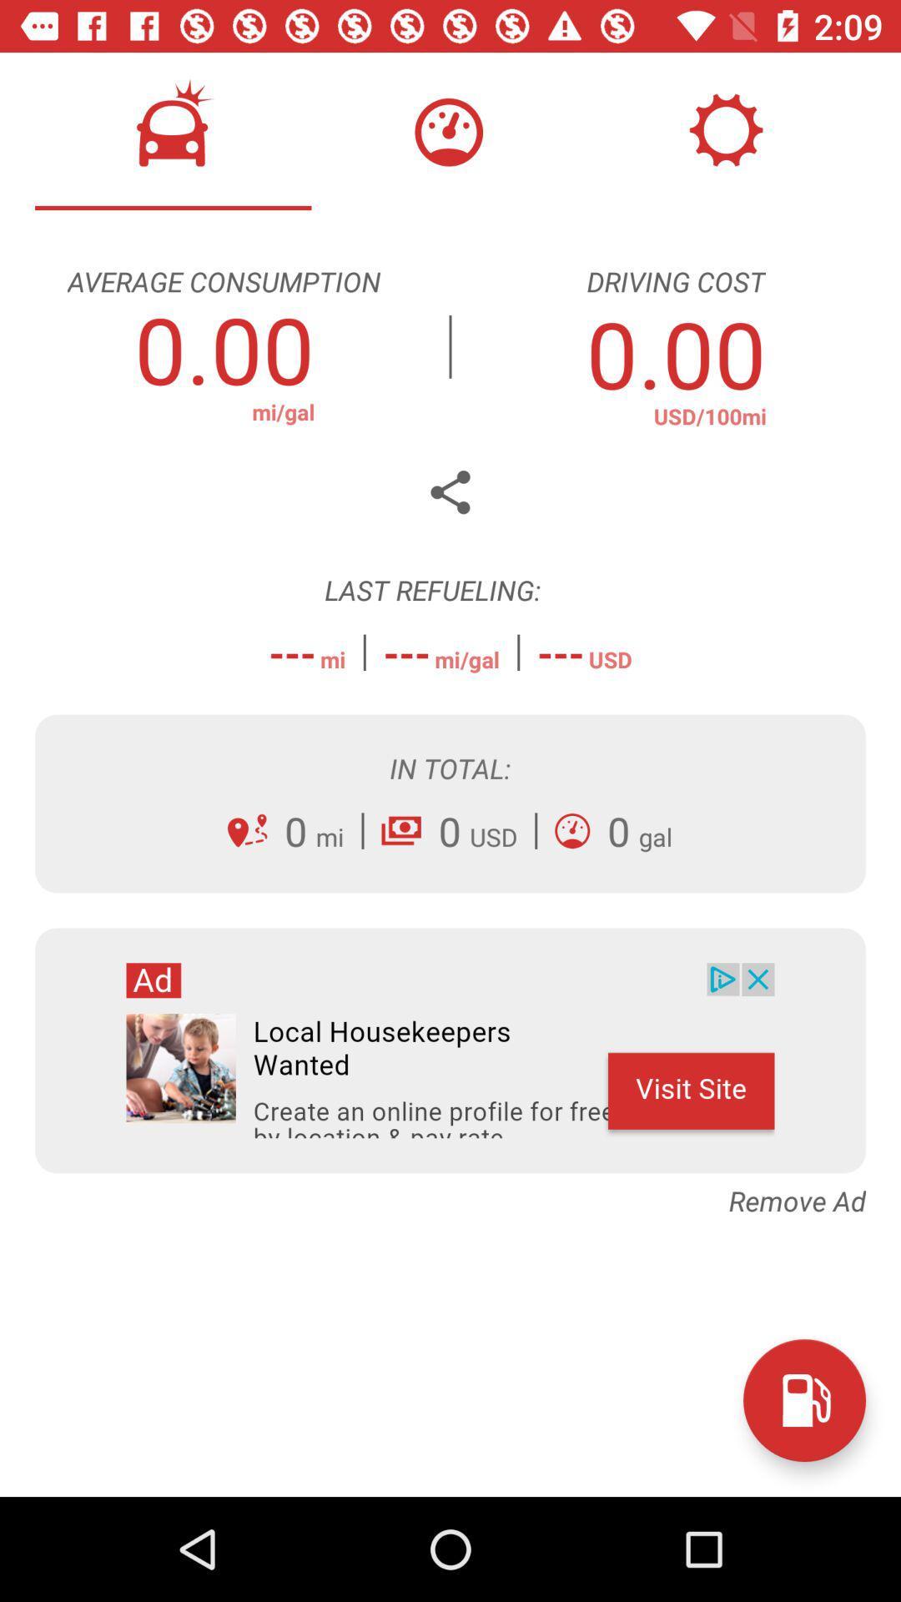 The width and height of the screenshot is (901, 1602). What do you see at coordinates (803, 1400) in the screenshot?
I see `get fuel` at bounding box center [803, 1400].